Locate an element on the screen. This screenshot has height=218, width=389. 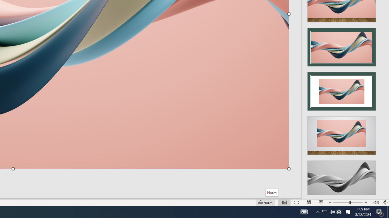
'Zoom 142%' is located at coordinates (375, 203).